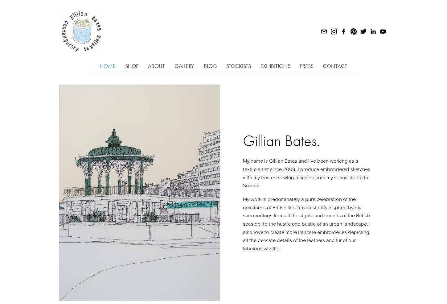  I want to click on 'Exhibitions', so click(275, 65).